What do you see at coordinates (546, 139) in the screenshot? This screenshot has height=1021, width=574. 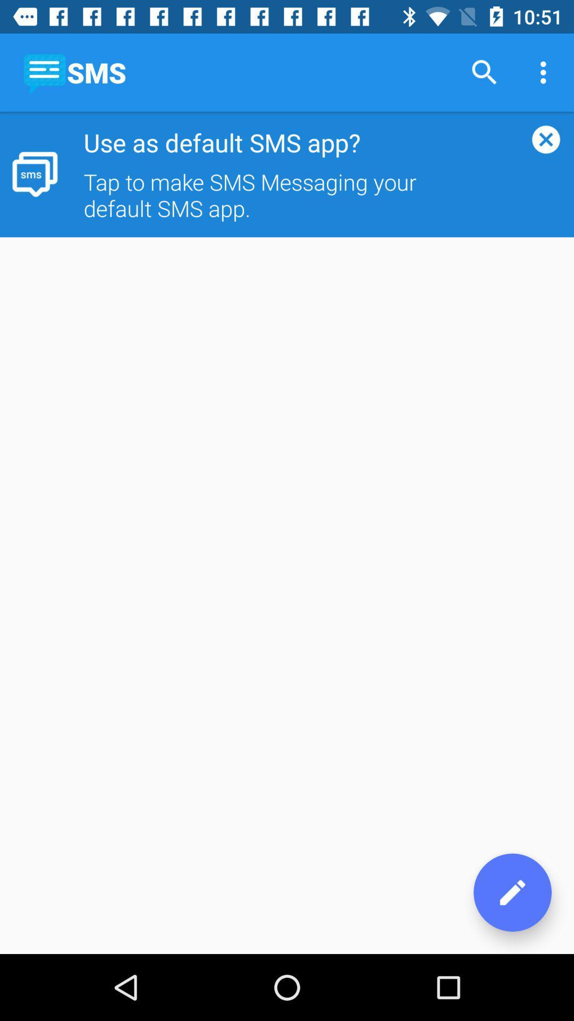 I see `the close icon` at bounding box center [546, 139].